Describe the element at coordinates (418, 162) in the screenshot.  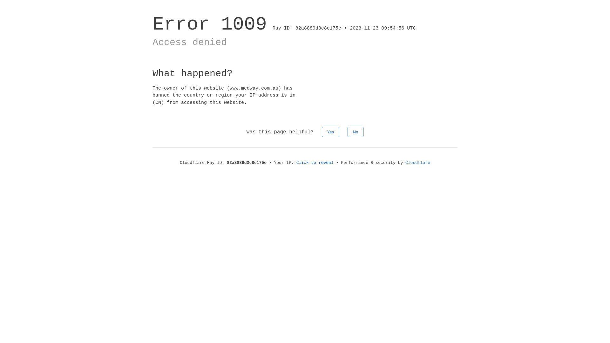
I see `'Cloudflare'` at that location.